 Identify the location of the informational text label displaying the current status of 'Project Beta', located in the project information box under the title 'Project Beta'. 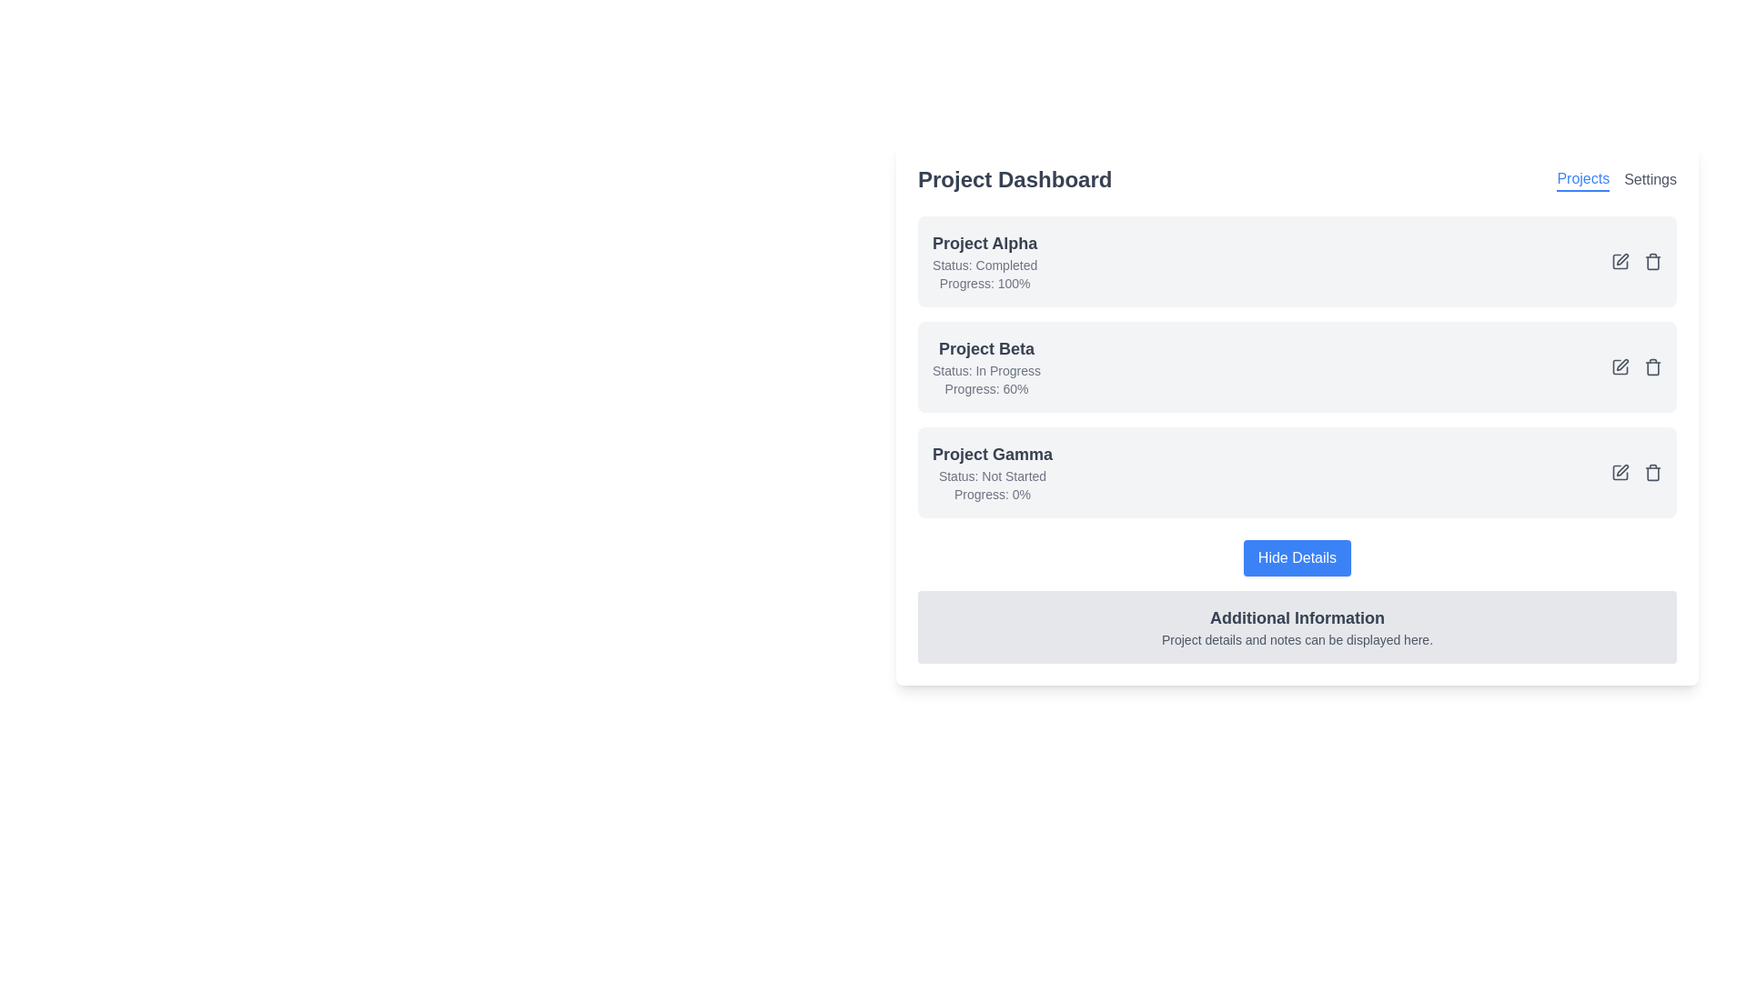
(985, 370).